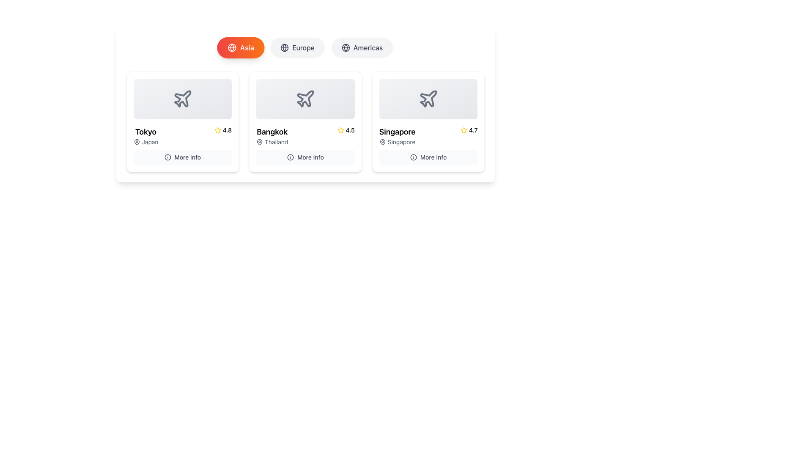  Describe the element at coordinates (285, 47) in the screenshot. I see `the globe icon in the 'Europe' button located in the navigation bar, positioned to the left of the 'Europe' text label` at that location.